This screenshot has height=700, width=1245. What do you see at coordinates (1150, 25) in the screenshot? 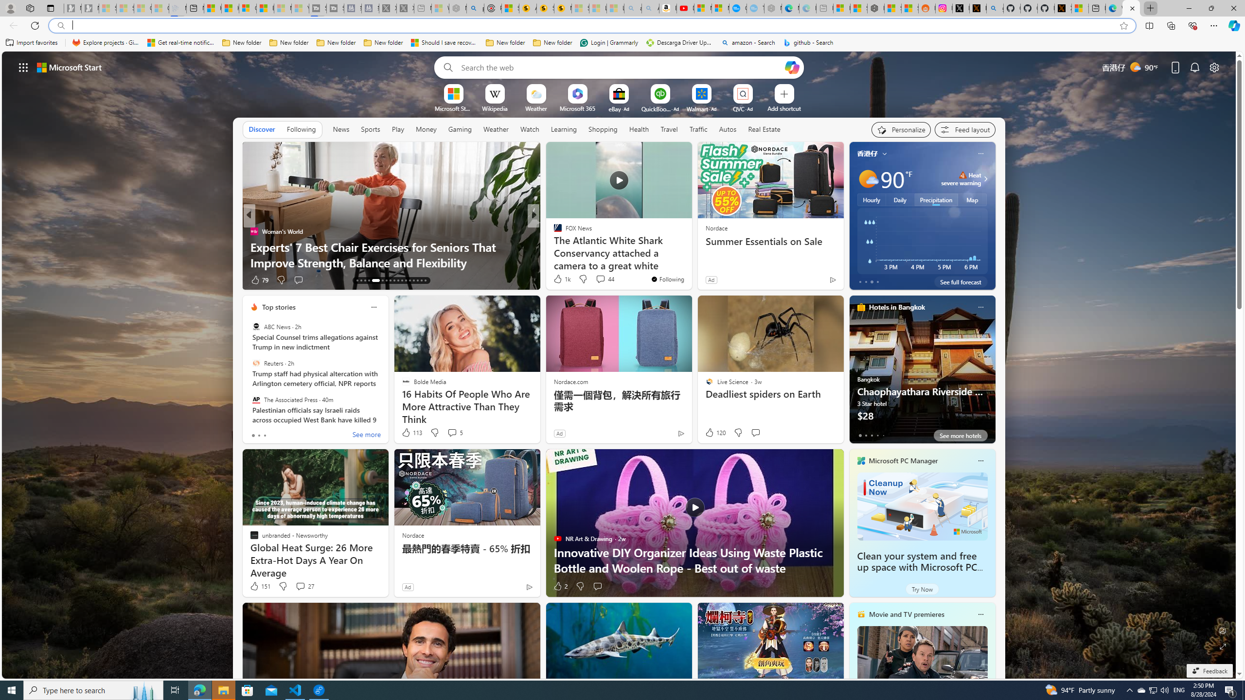
I see `'Split screen'` at bounding box center [1150, 25].